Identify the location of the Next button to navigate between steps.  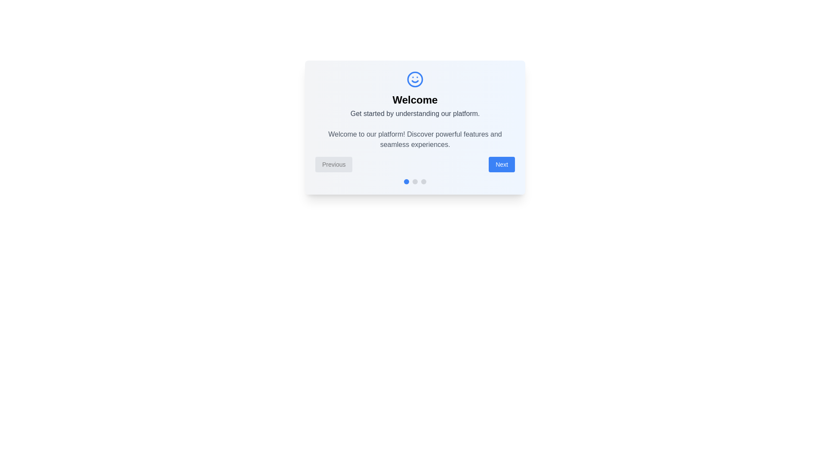
(502, 164).